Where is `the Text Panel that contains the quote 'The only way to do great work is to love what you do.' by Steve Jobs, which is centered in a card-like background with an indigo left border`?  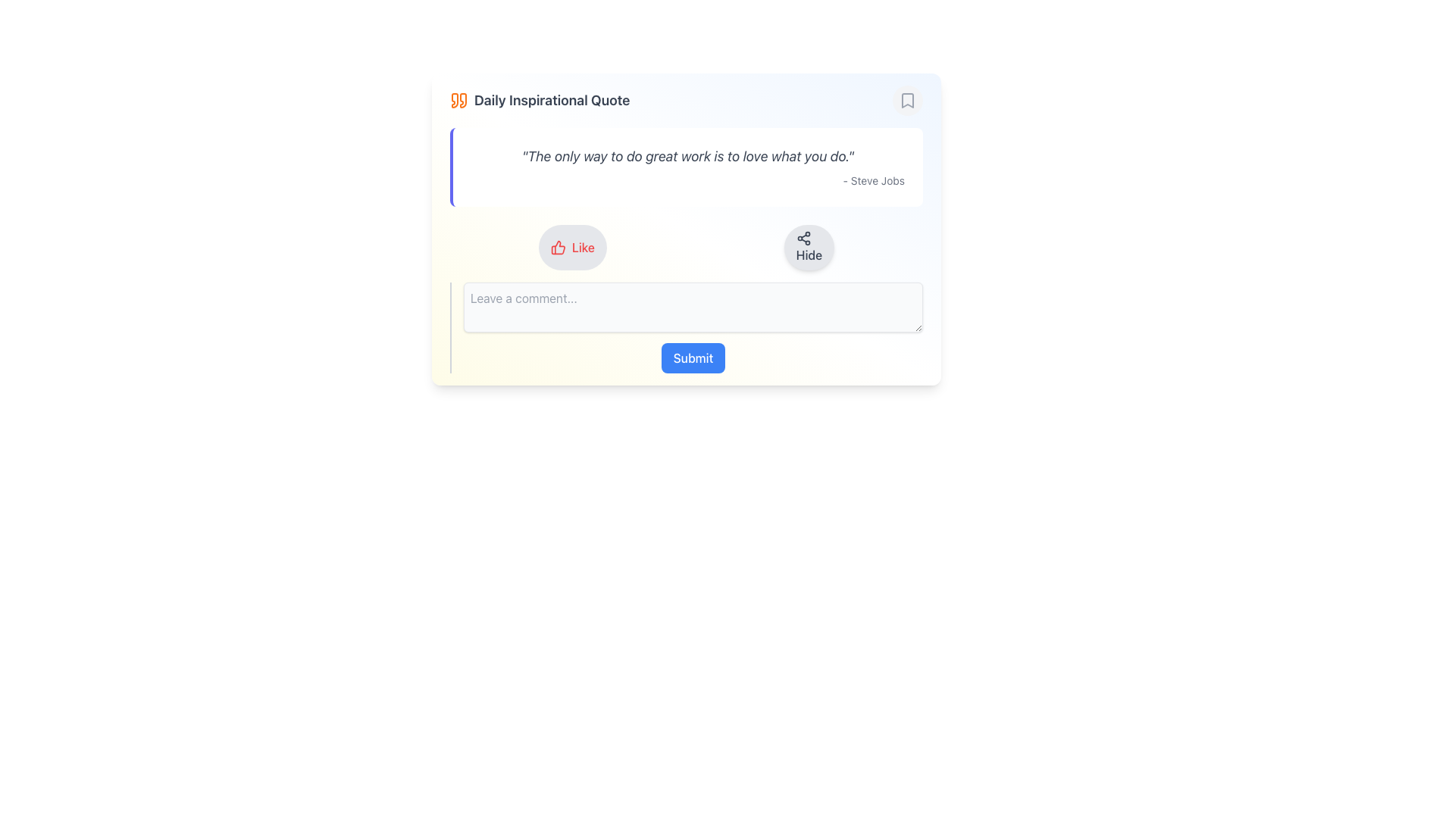 the Text Panel that contains the quote 'The only way to do great work is to love what you do.' by Steve Jobs, which is centered in a card-like background with an indigo left border is located at coordinates (686, 167).